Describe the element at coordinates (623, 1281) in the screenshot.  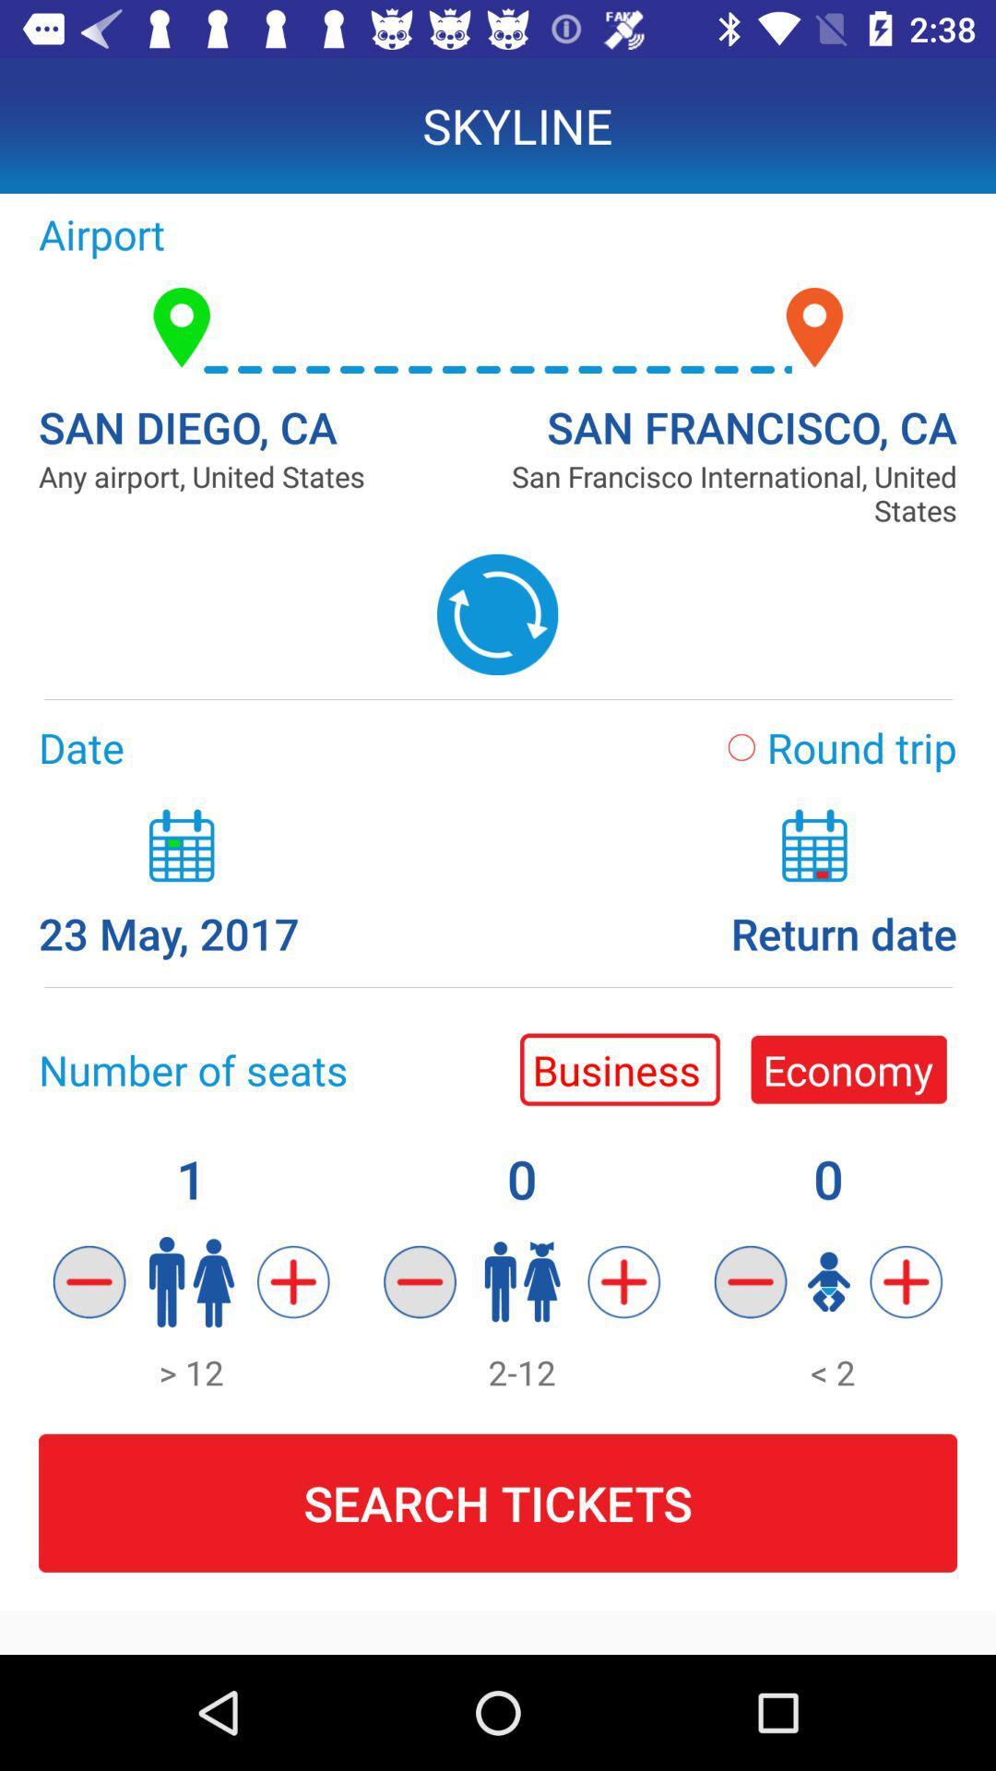
I see `second  symbol from left` at that location.